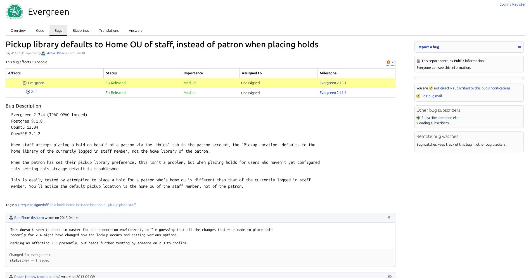  What do you see at coordinates (432, 96) in the screenshot?
I see `'Edit bug mail'` at bounding box center [432, 96].